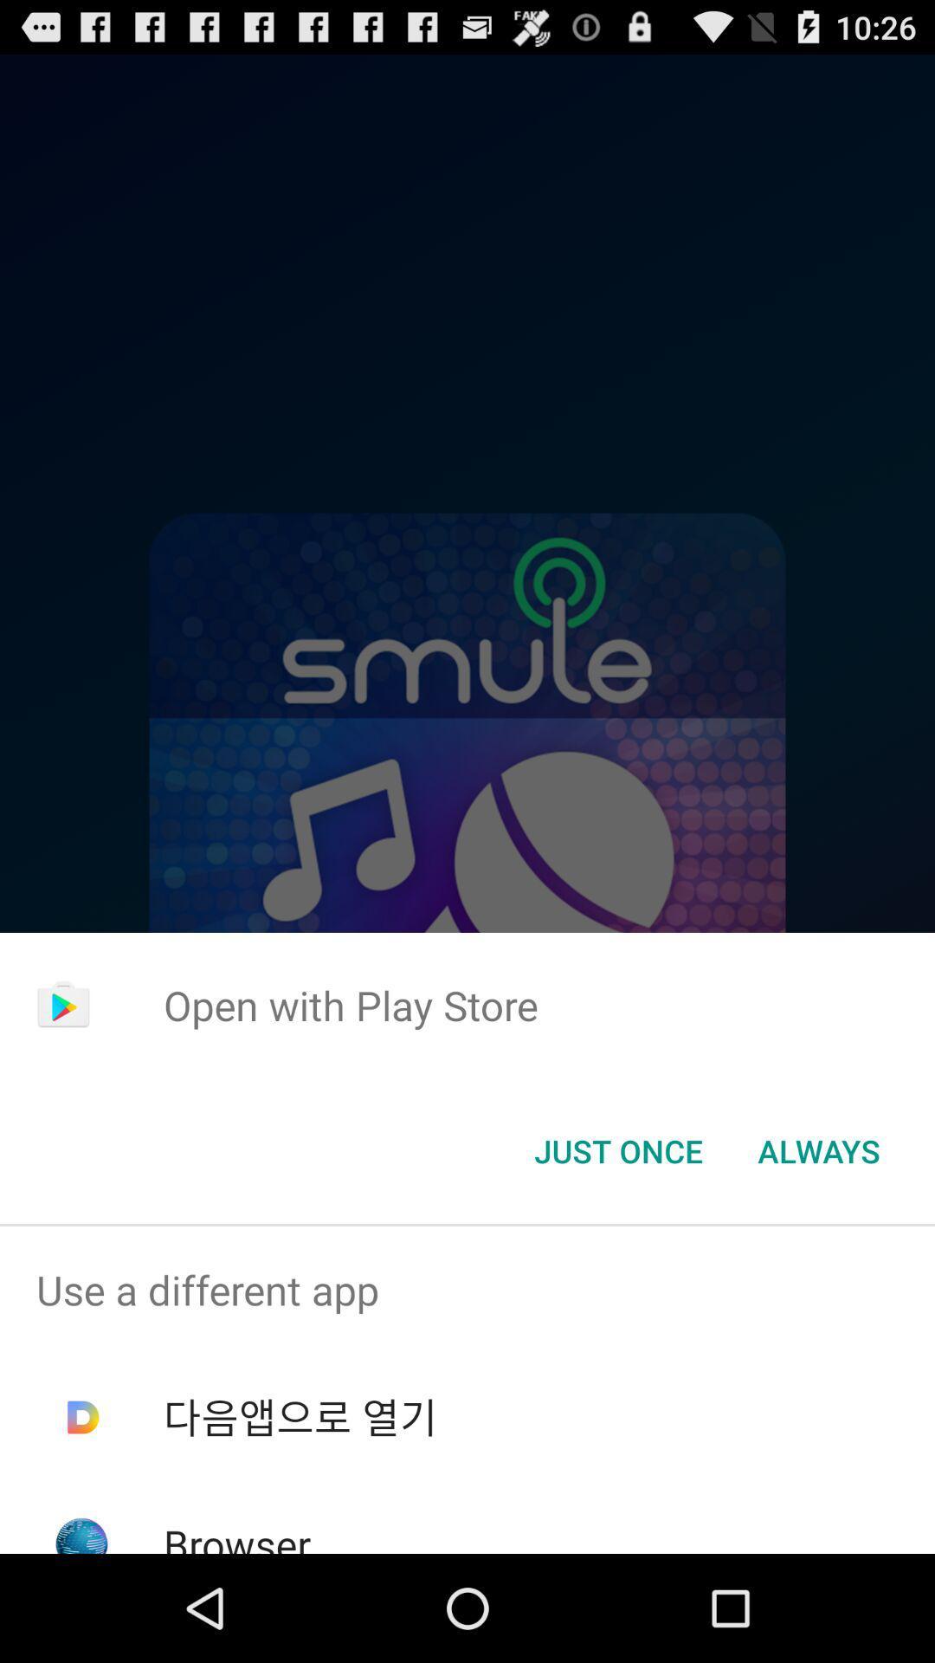 The height and width of the screenshot is (1663, 935). What do you see at coordinates (617, 1151) in the screenshot?
I see `the just once` at bounding box center [617, 1151].